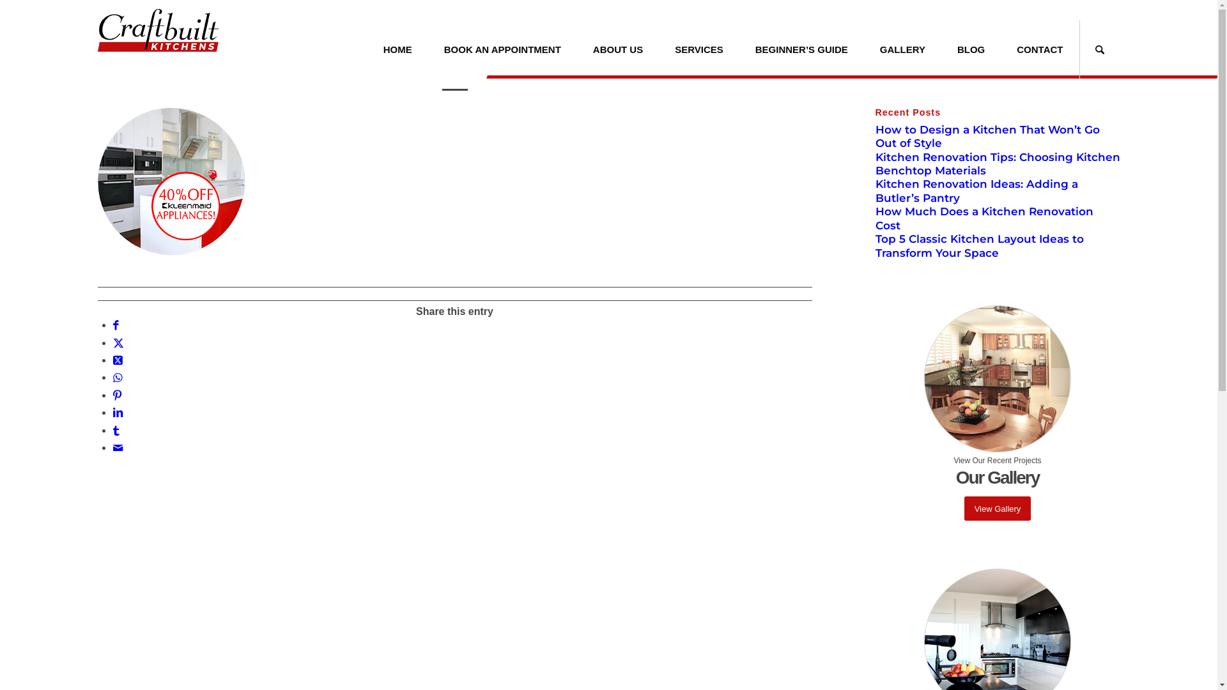 The height and width of the screenshot is (690, 1227). Describe the element at coordinates (997, 508) in the screenshot. I see `'View Gallery'` at that location.